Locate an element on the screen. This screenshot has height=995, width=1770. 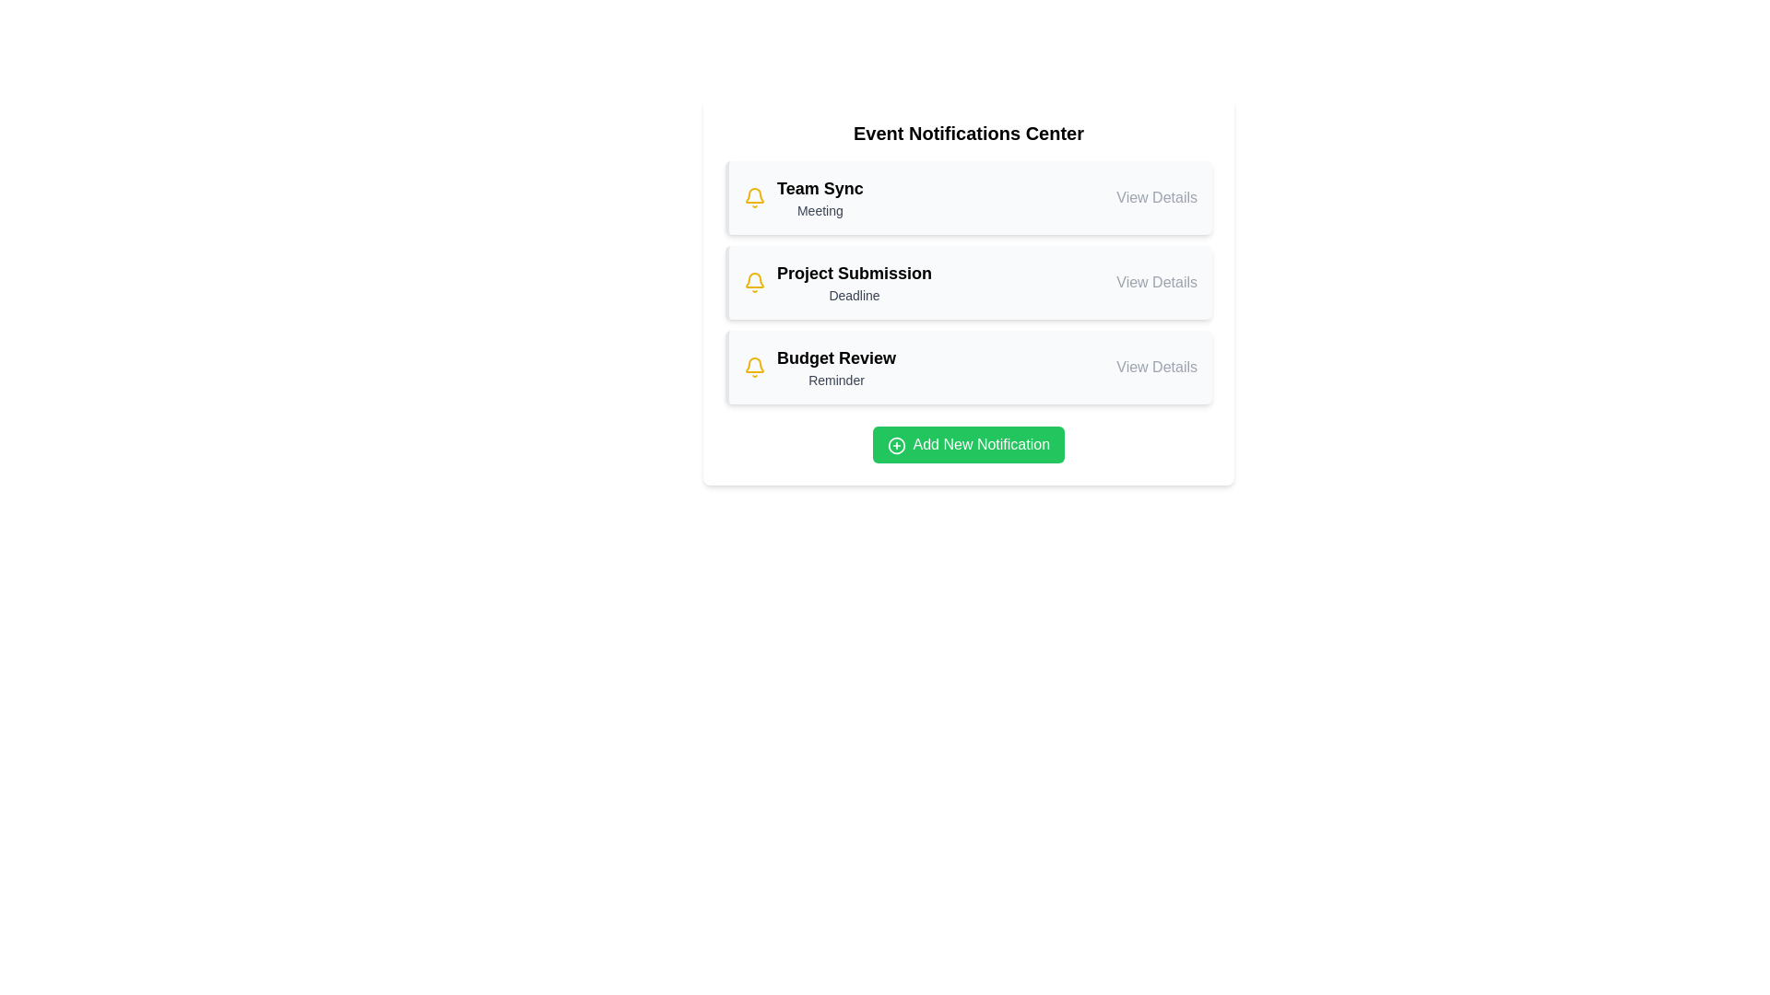
the static text label indicating 'Meeting', which is positioned beneath 'Team Sync' in the Event Notifications Center panel is located at coordinates (819, 209).